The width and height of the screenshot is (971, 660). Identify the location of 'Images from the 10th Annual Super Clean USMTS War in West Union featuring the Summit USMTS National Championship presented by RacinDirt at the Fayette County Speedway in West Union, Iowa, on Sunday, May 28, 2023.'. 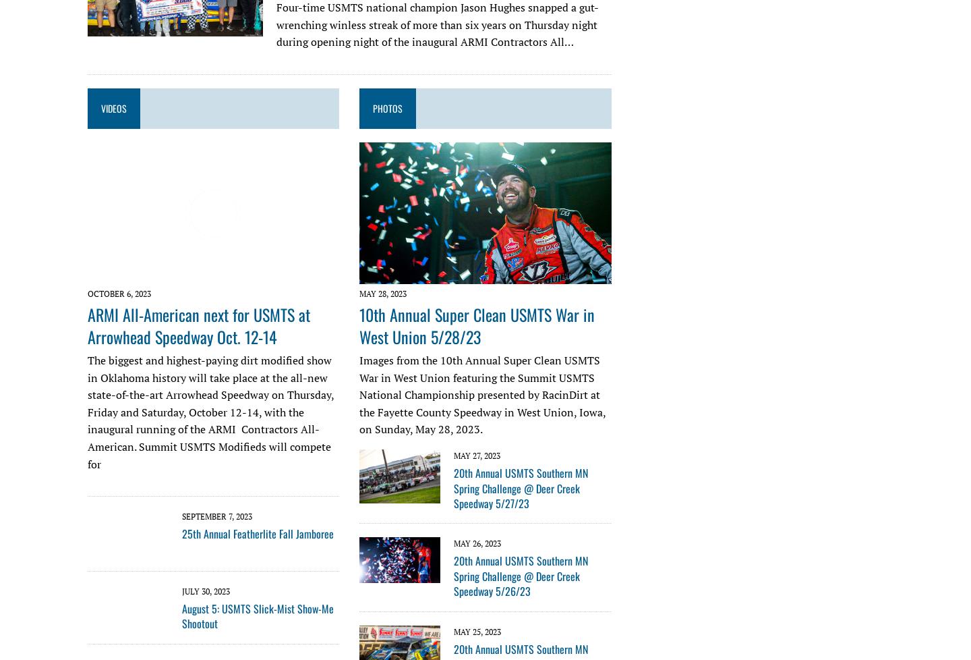
(482, 394).